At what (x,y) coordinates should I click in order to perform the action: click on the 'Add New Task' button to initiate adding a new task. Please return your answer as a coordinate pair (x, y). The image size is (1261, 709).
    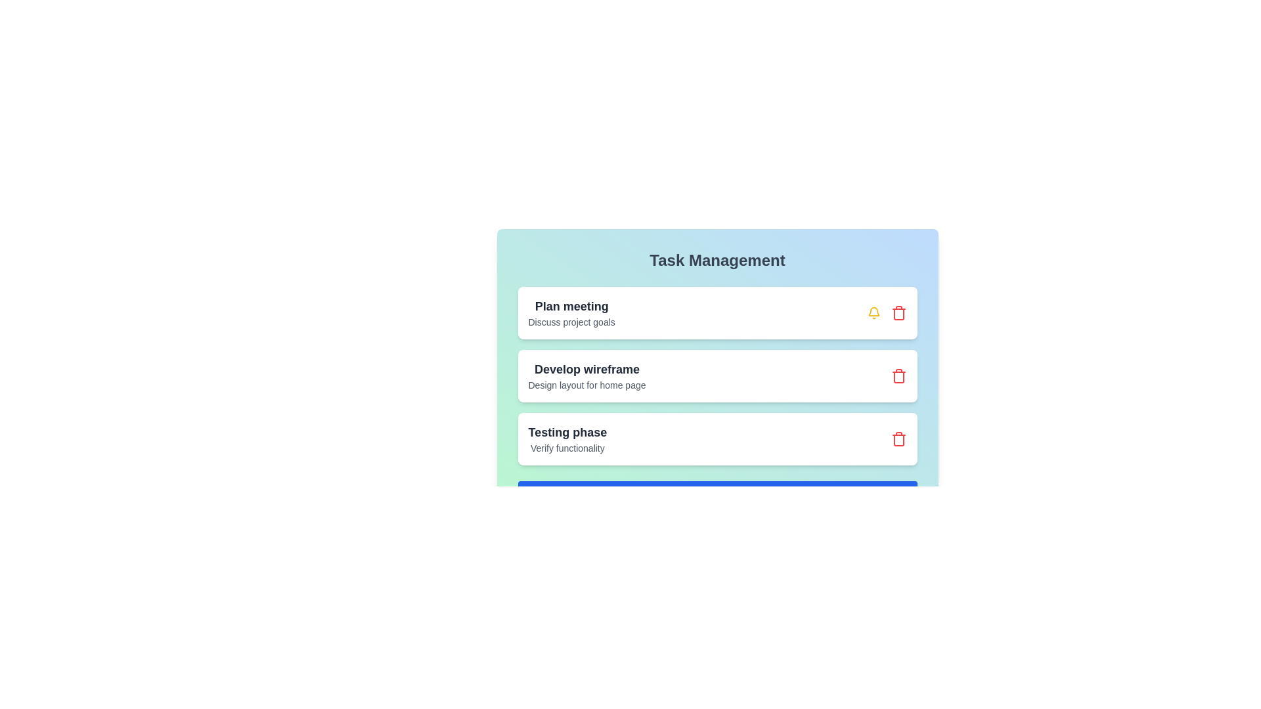
    Looking at the image, I should click on (717, 494).